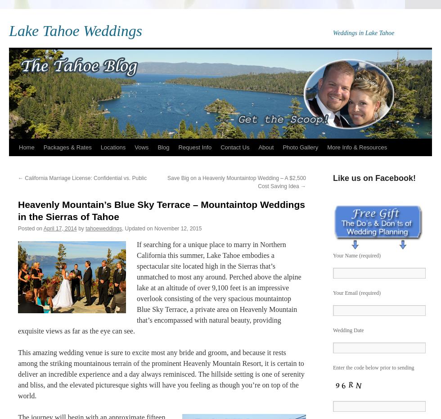 The image size is (441, 419). Describe the element at coordinates (373, 367) in the screenshot. I see `'Enter the code below prior to sending'` at that location.